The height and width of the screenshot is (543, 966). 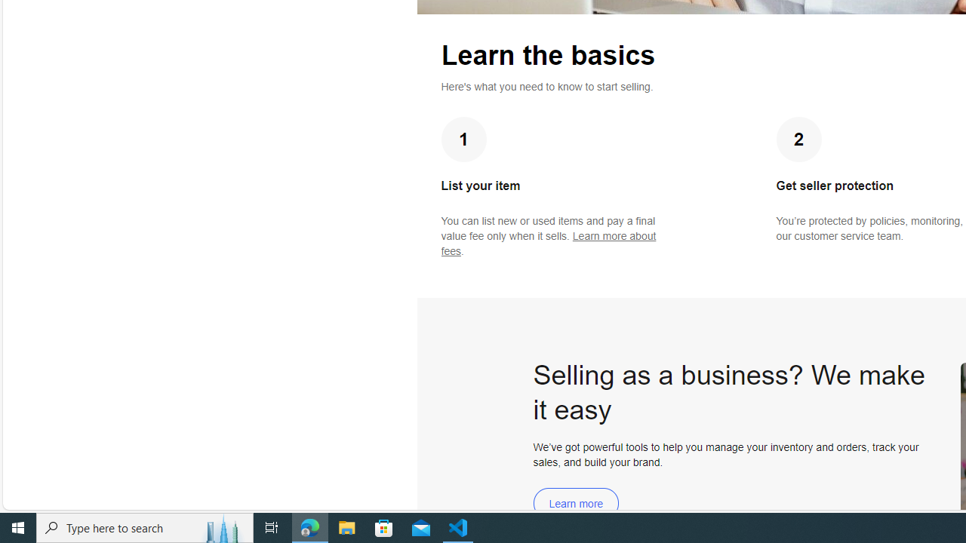 I want to click on 'Learn more', so click(x=575, y=503).